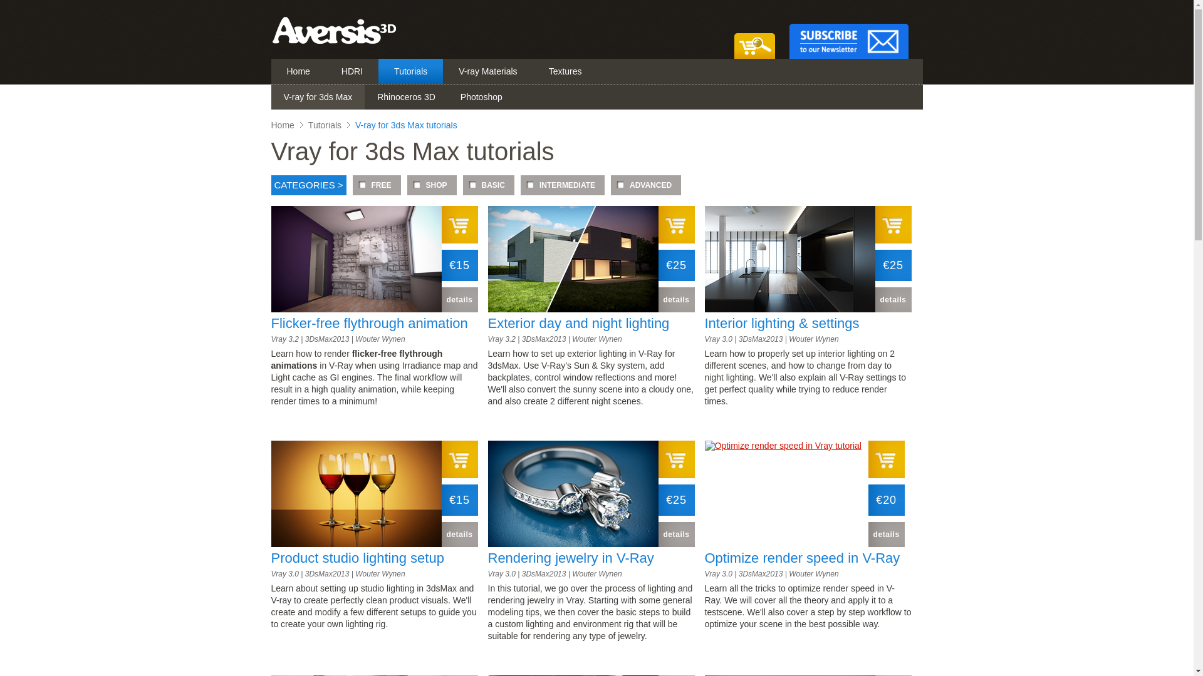 This screenshot has width=1203, height=676. I want to click on 'Flicker-free flythrough animation', so click(368, 322).